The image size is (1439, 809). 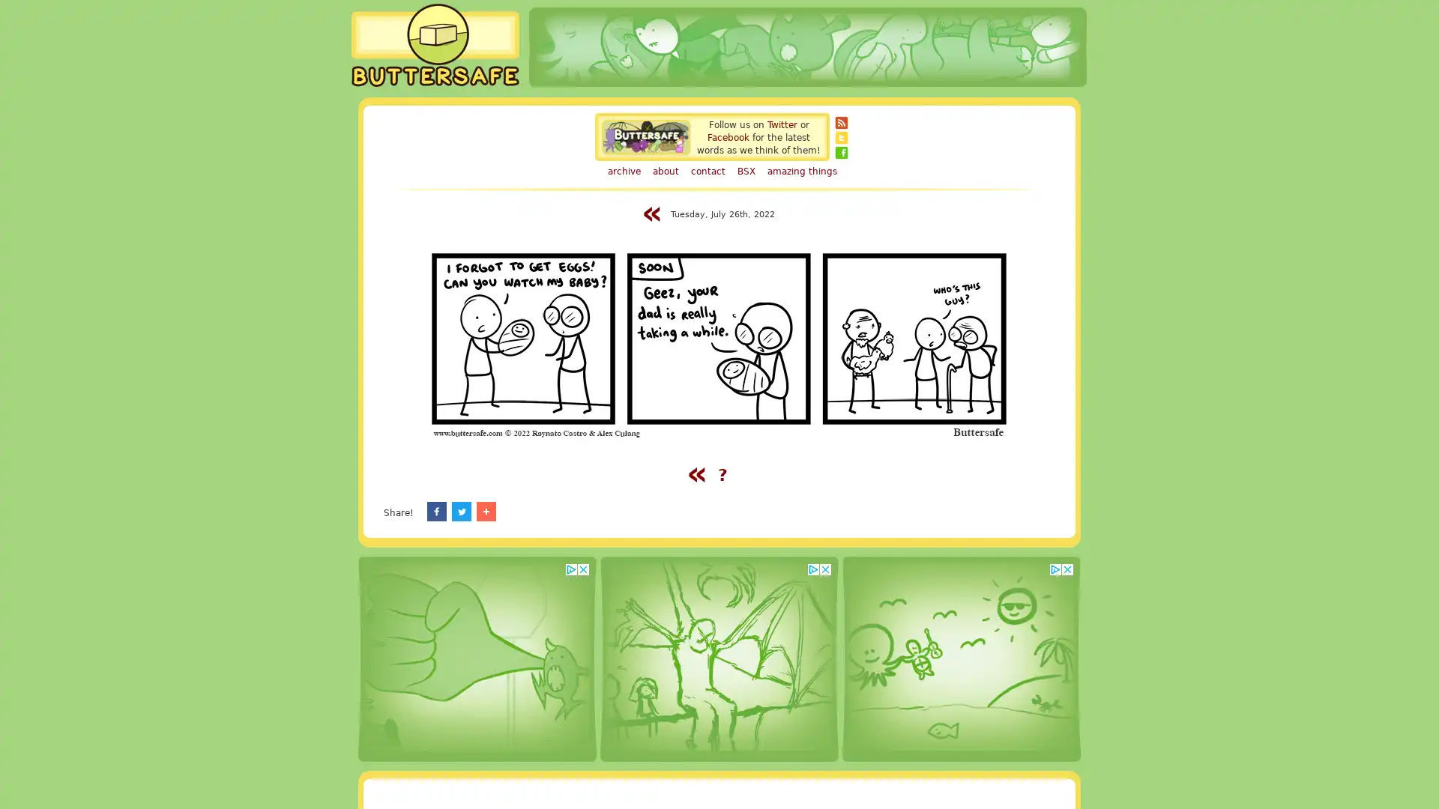 What do you see at coordinates (528, 510) in the screenshot?
I see `Share to Twitter Twitter` at bounding box center [528, 510].